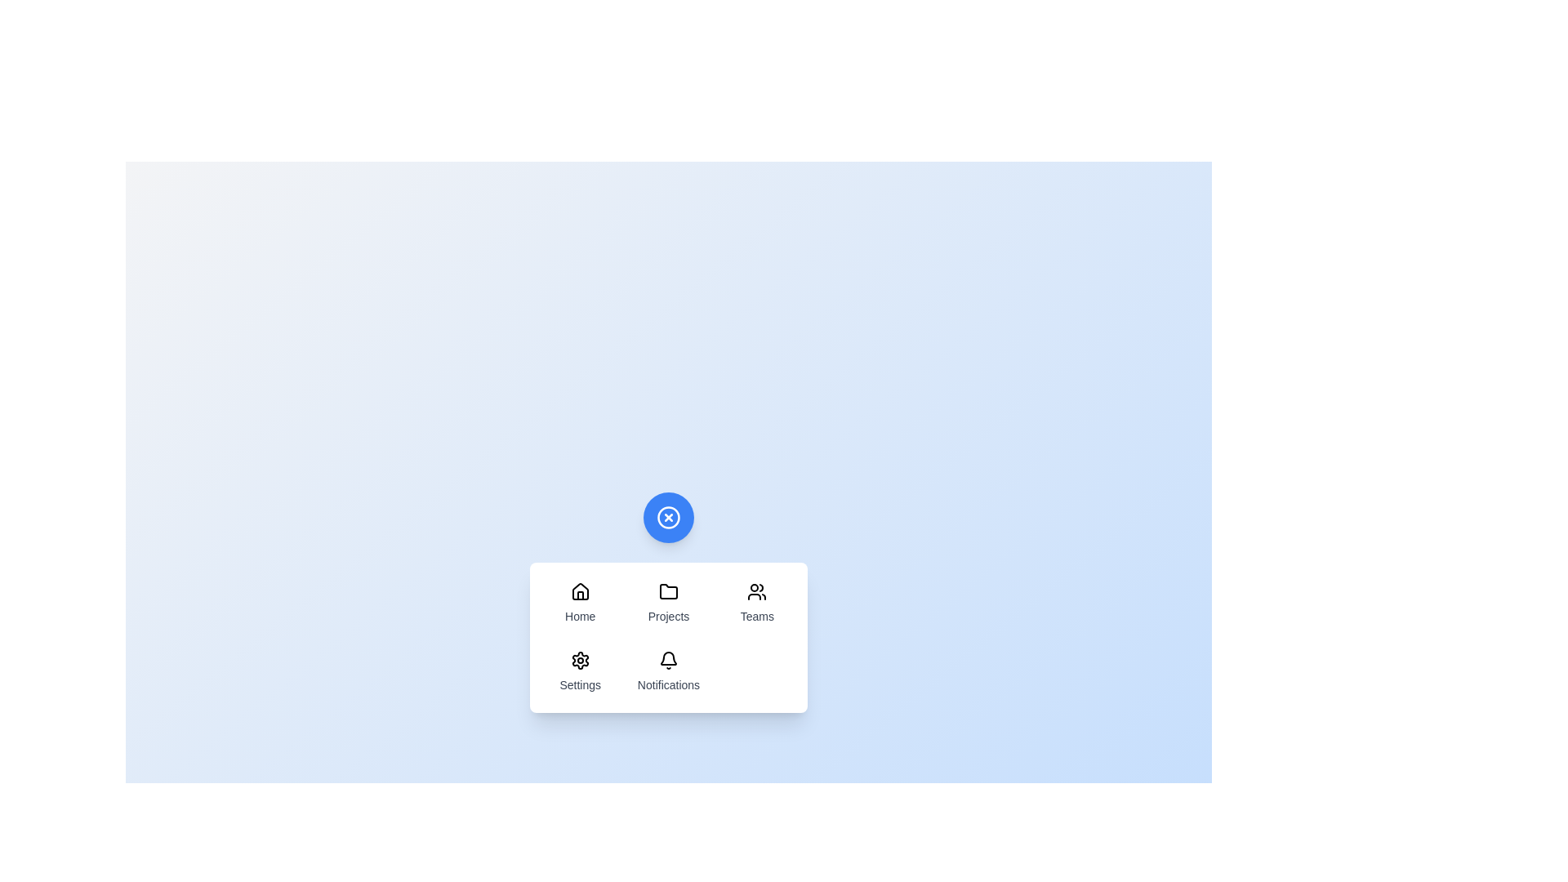 The image size is (1568, 882). I want to click on the toggle button to change the menu visibility, so click(667, 517).